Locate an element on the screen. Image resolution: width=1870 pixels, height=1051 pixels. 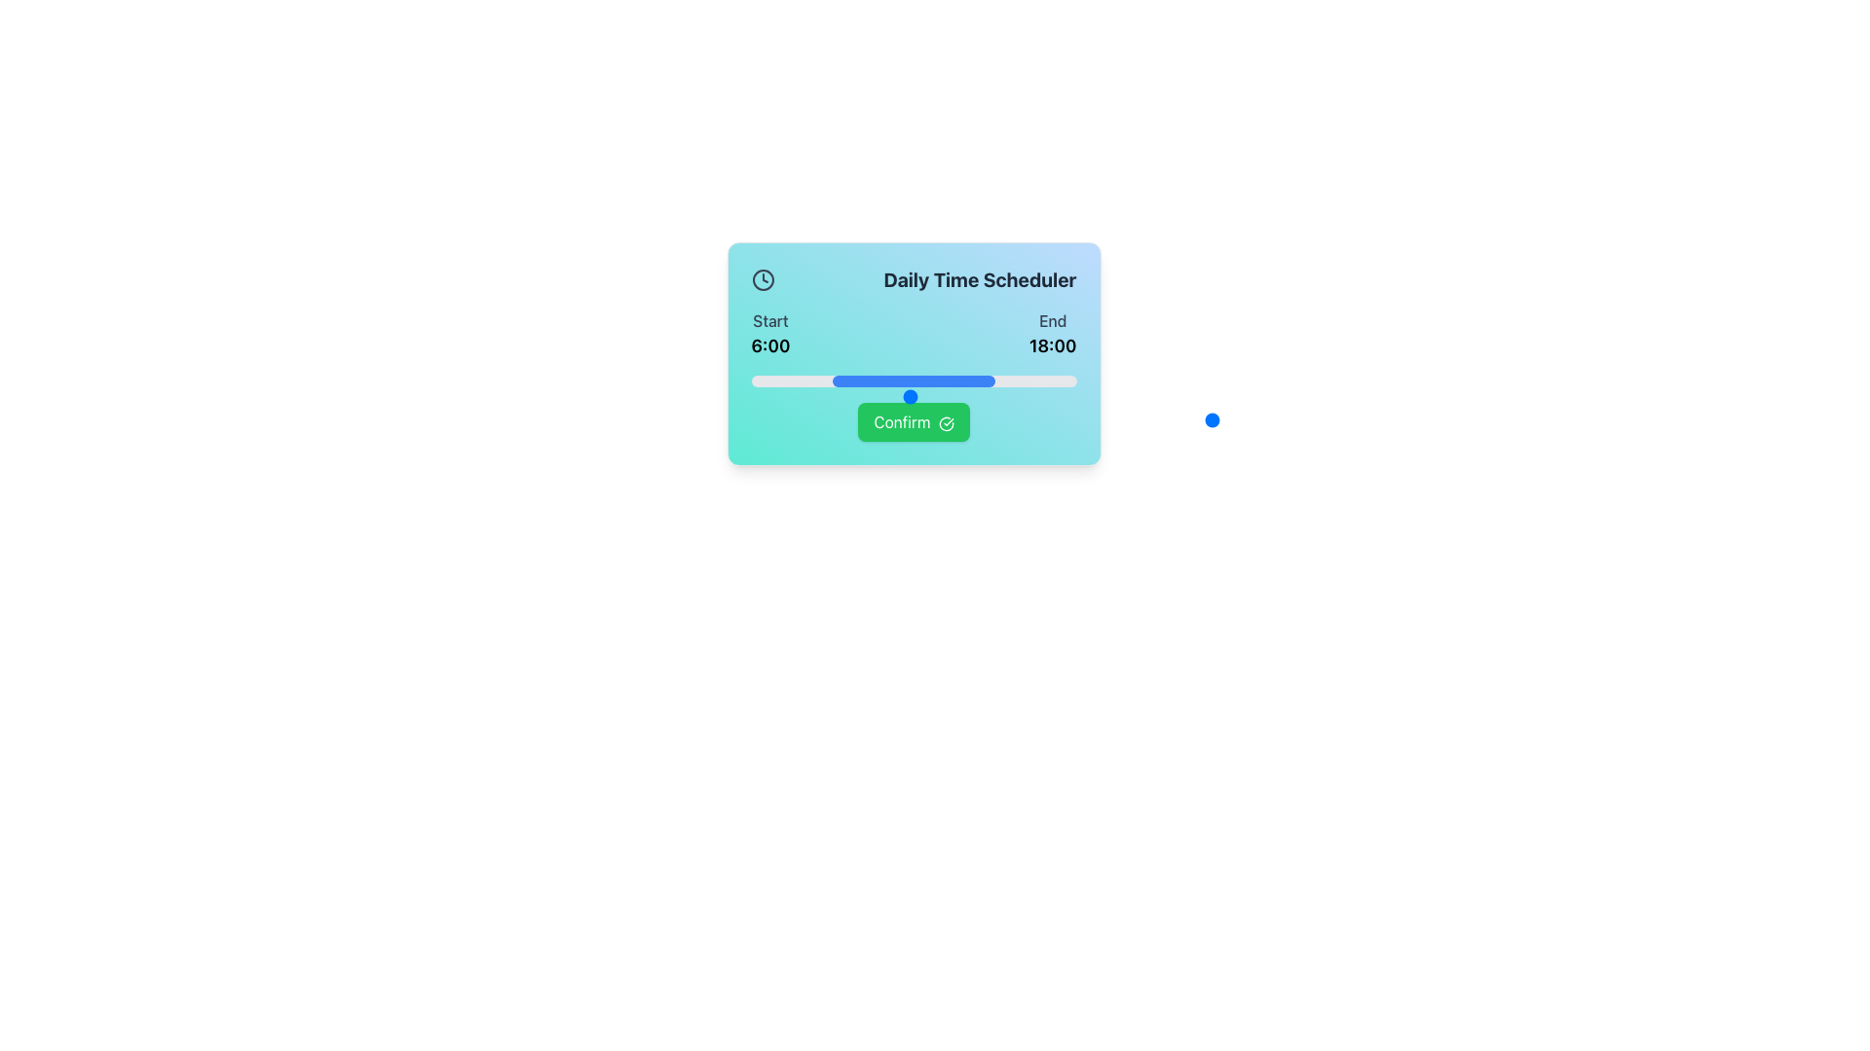
the SVG icon located in the top-left segment of the 'Daily Time Scheduler' component, which symbolizes scheduling or time-related functionality is located at coordinates (762, 280).